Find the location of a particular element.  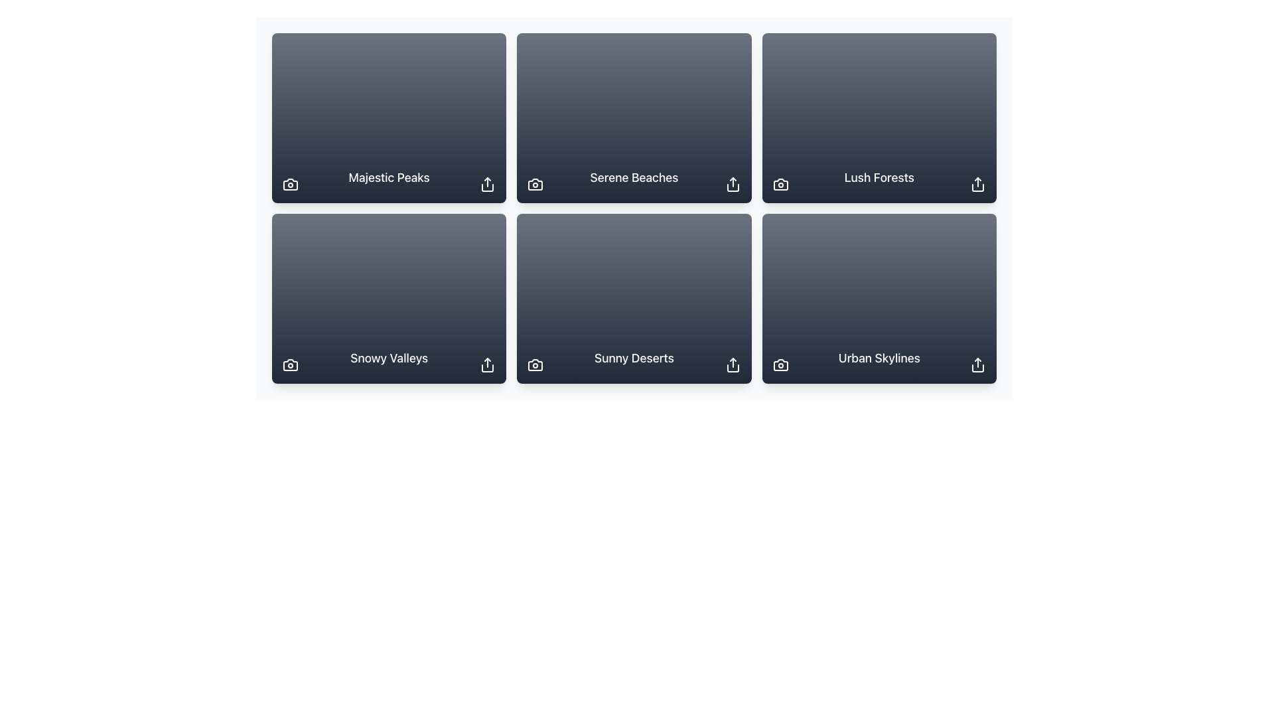

the share button located at the bottom-right corner of the 'Urban Skylines' card to initiate sharing options is located at coordinates (977, 365).